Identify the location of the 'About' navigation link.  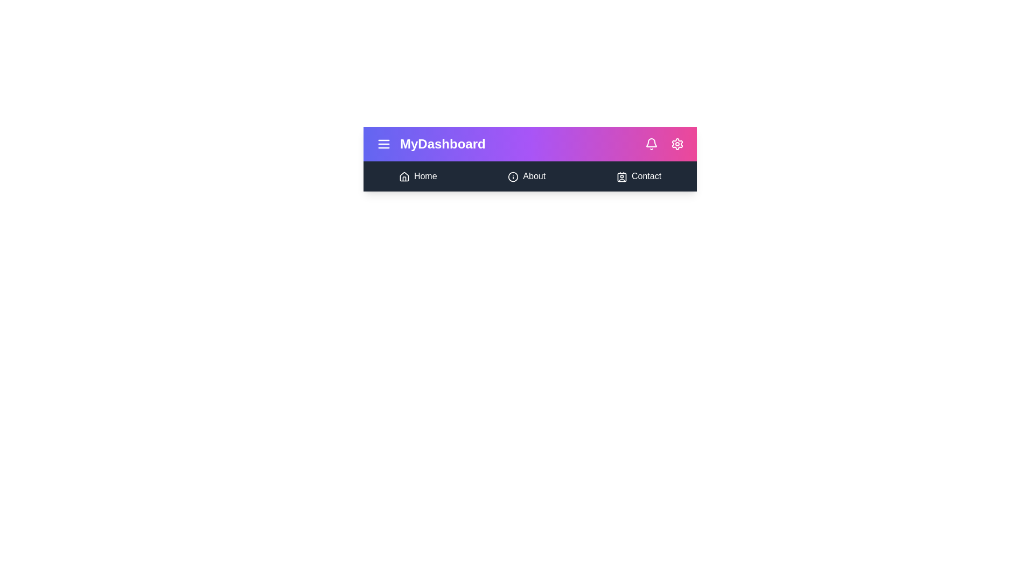
(527, 175).